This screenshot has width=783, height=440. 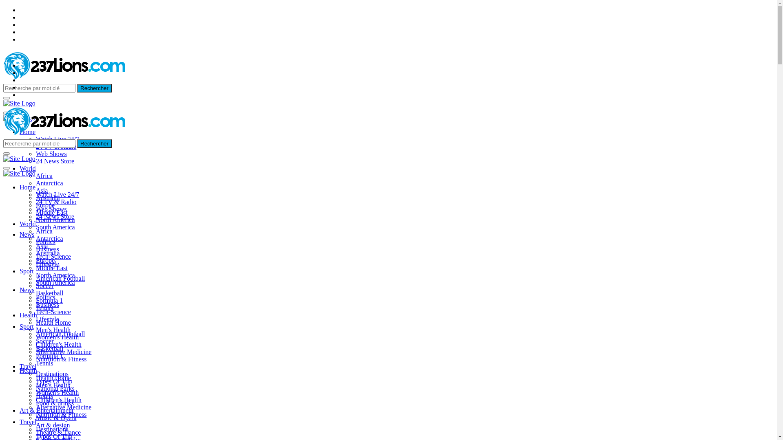 What do you see at coordinates (49, 348) in the screenshot?
I see `'Basketball'` at bounding box center [49, 348].